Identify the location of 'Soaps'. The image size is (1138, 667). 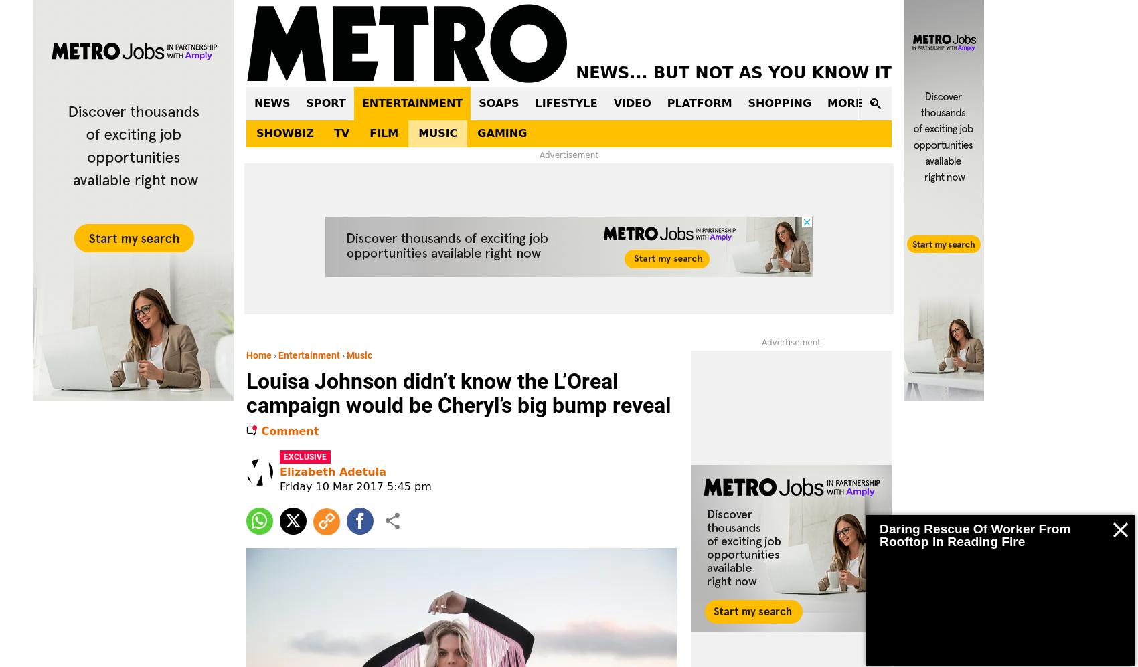
(498, 102).